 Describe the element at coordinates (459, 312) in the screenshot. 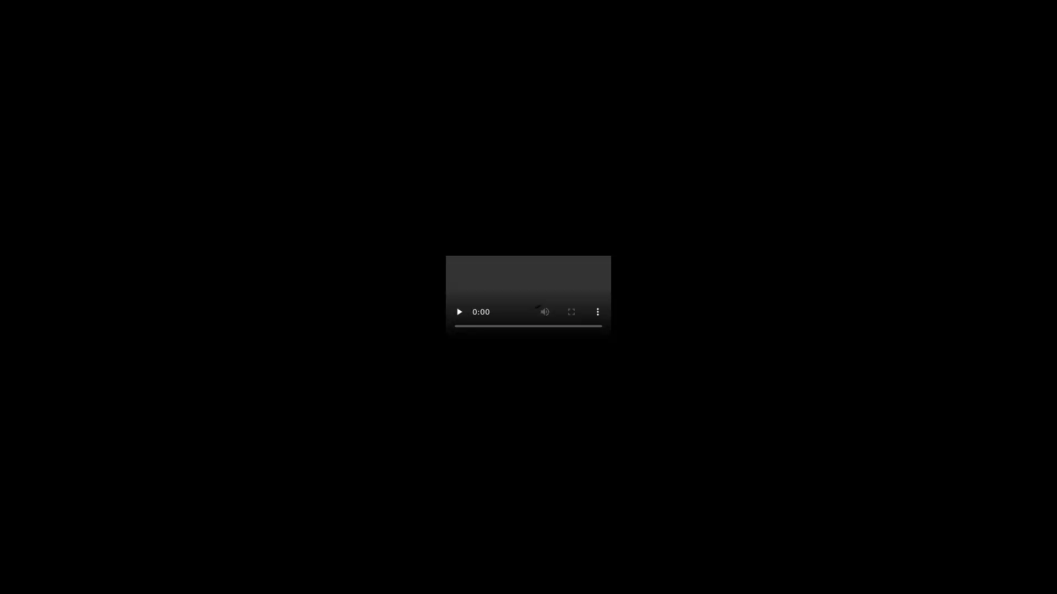

I see `play` at that location.